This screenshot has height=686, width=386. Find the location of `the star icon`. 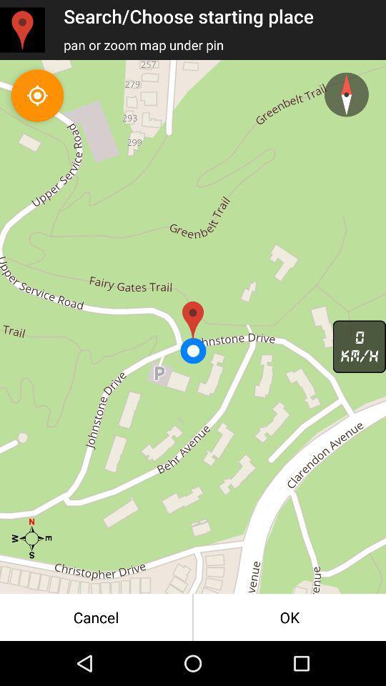

the star icon is located at coordinates (31, 537).